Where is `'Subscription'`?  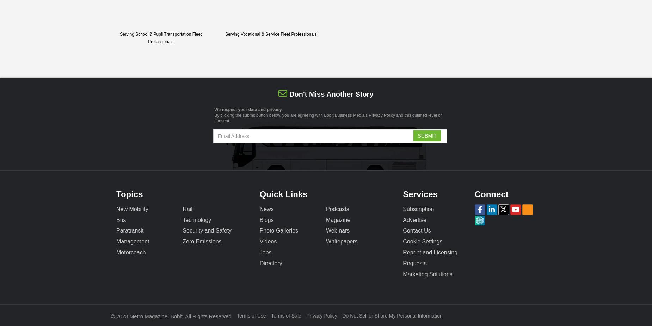
'Subscription' is located at coordinates (418, 209).